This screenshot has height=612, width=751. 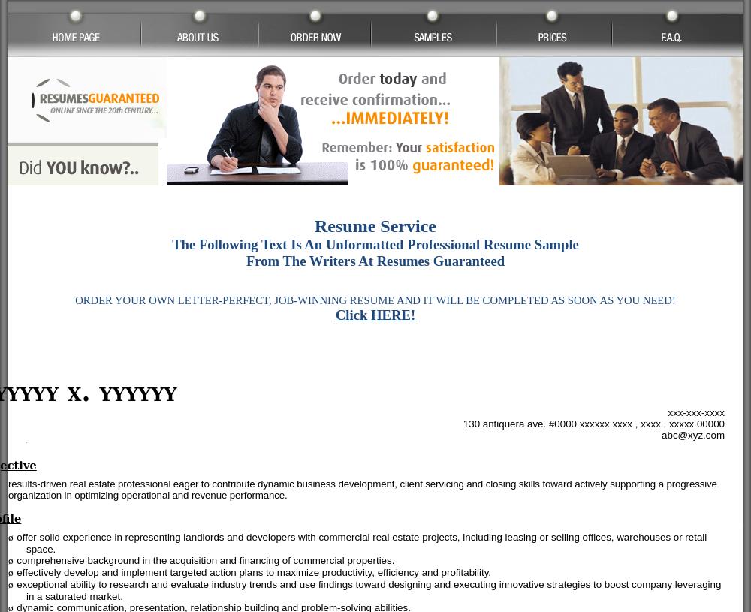 What do you see at coordinates (374, 300) in the screenshot?
I see `'ORDER YOUR OWN LETTER-PERFECT, JOB-WINNING RESUME AND IT WILL BE COMPLETED AS SOON AS YOU NEED!'` at bounding box center [374, 300].